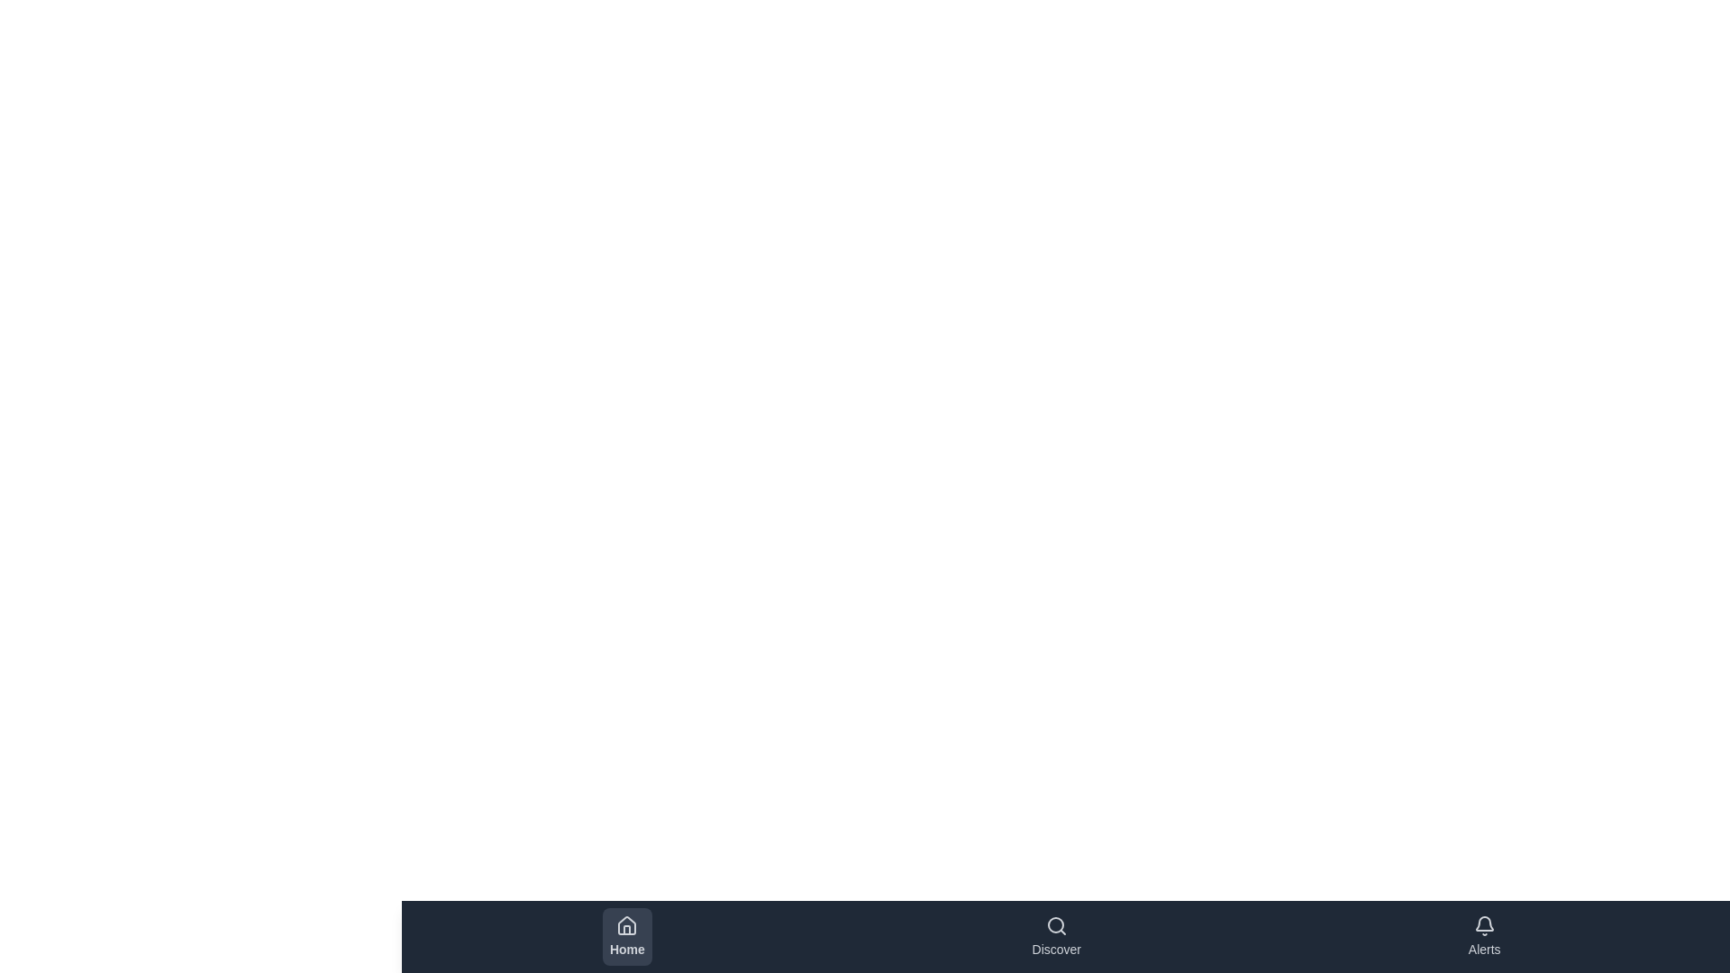  What do you see at coordinates (1484, 936) in the screenshot?
I see `the Alerts button to switch to the corresponding tab` at bounding box center [1484, 936].